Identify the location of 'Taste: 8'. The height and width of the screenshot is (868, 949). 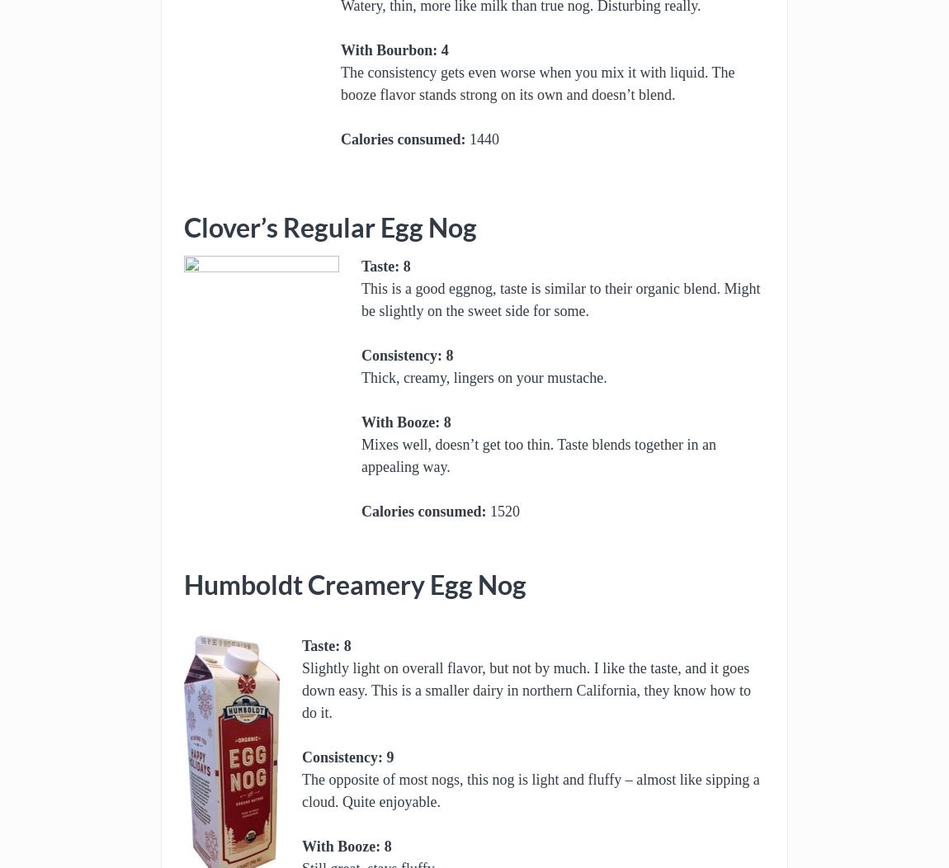
(385, 265).